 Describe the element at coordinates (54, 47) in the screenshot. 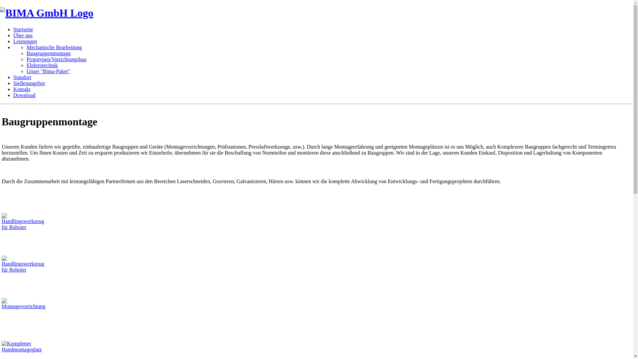

I see `'Mechanische Bearbeitung'` at that location.